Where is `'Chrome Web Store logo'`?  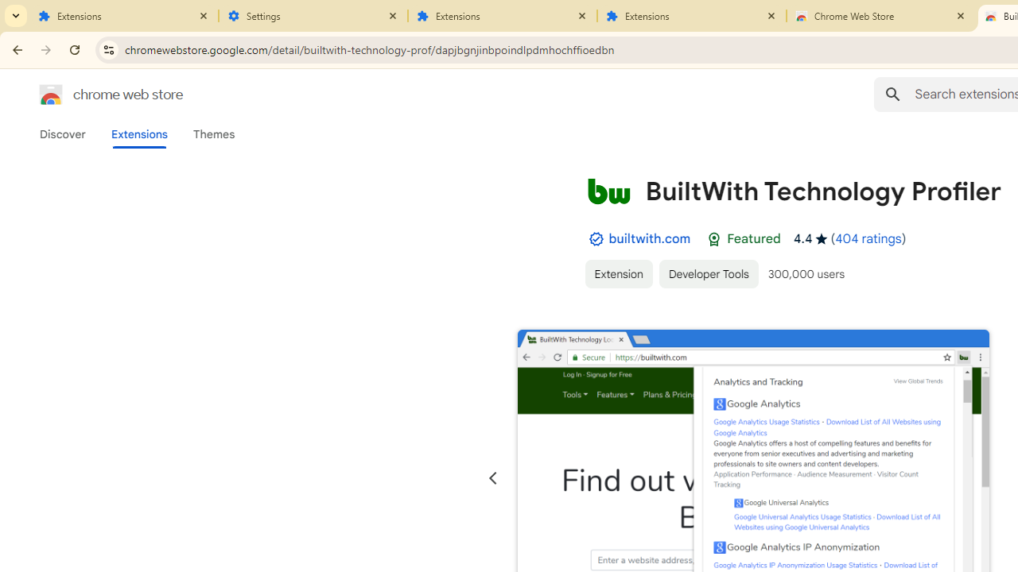
'Chrome Web Store logo' is located at coordinates (51, 95).